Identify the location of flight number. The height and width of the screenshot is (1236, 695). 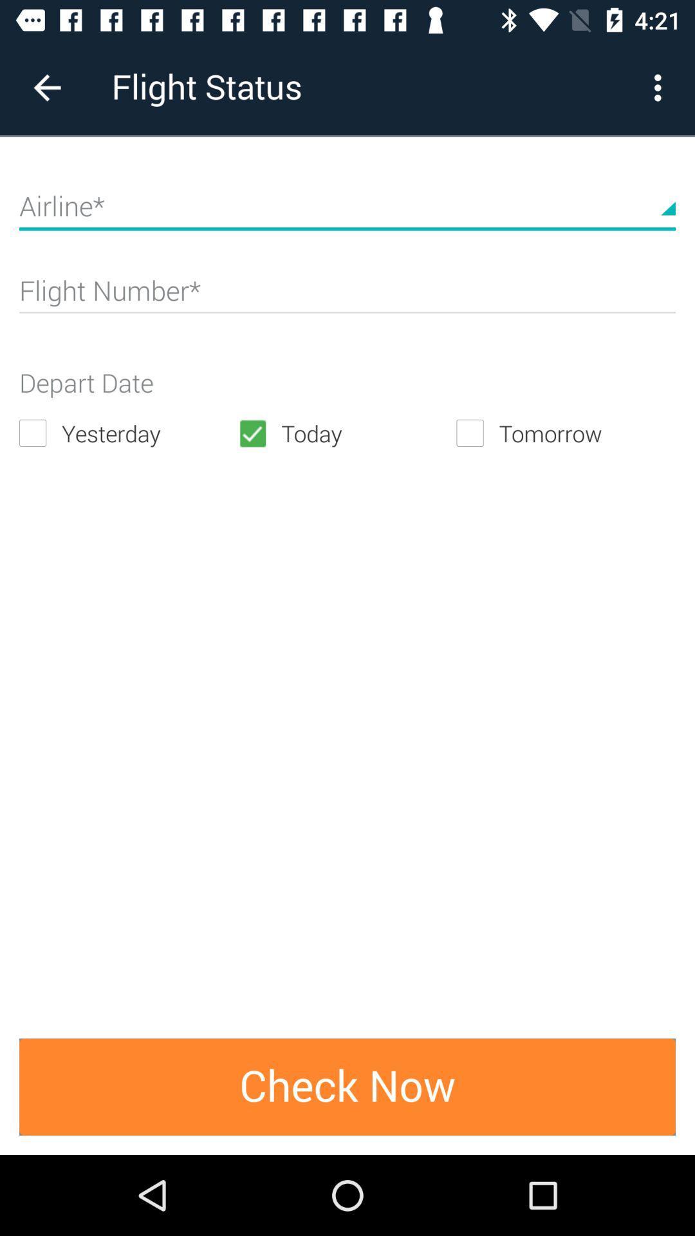
(347, 295).